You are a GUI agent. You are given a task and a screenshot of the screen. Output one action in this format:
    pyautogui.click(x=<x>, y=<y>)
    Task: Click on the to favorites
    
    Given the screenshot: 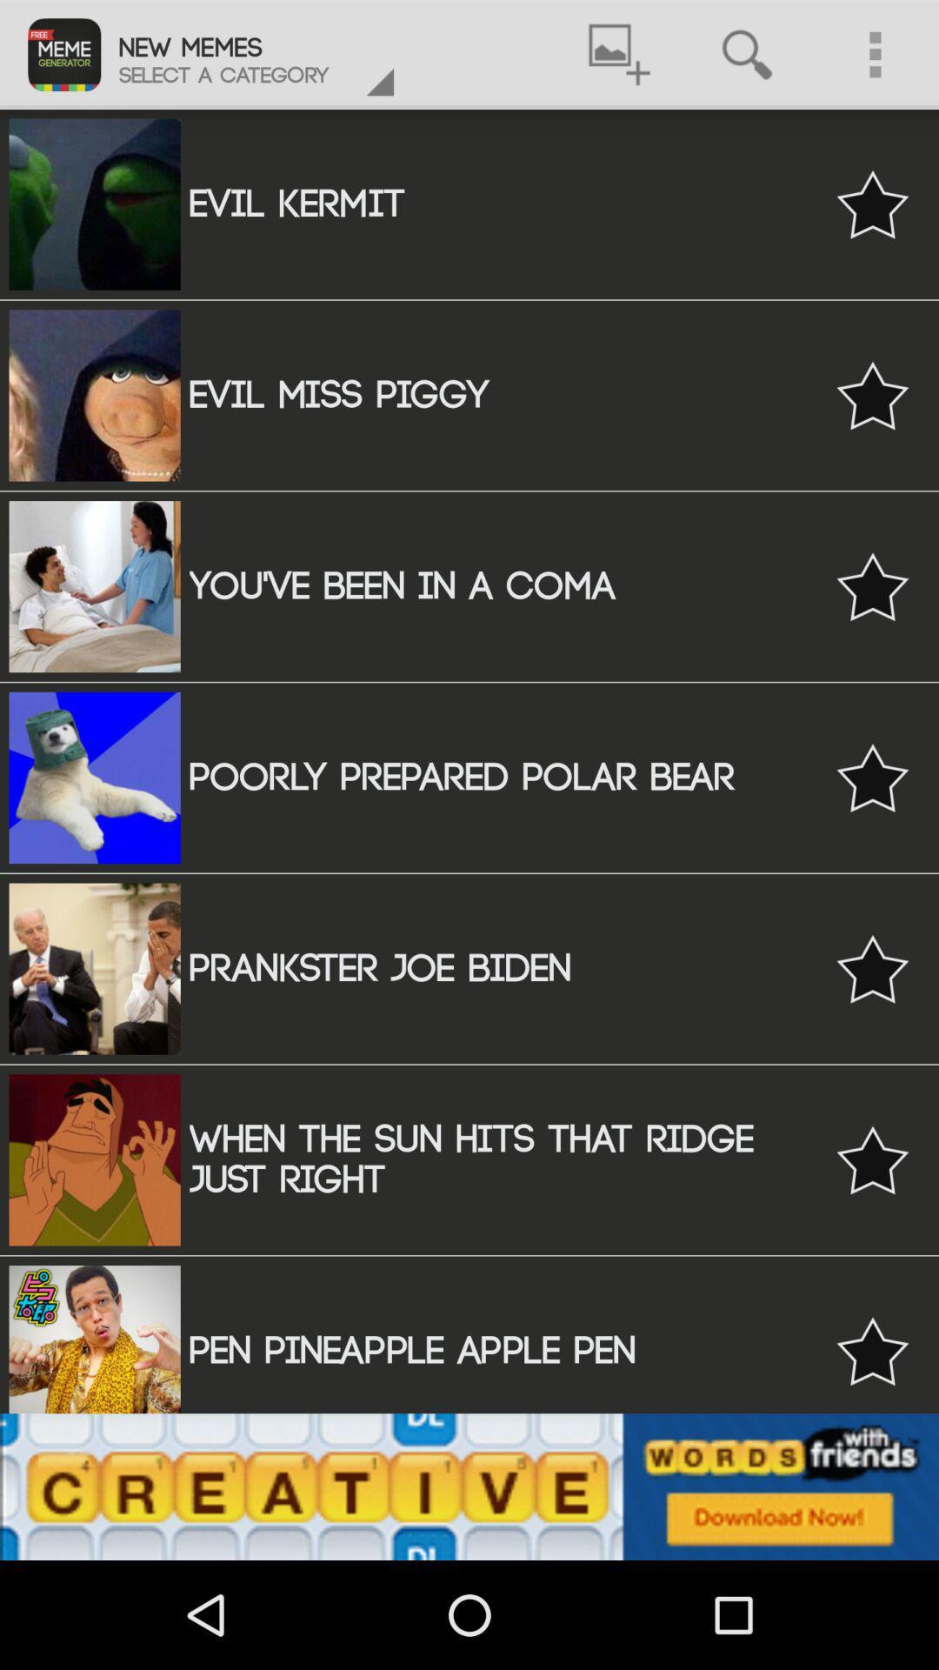 What is the action you would take?
    pyautogui.click(x=872, y=777)
    